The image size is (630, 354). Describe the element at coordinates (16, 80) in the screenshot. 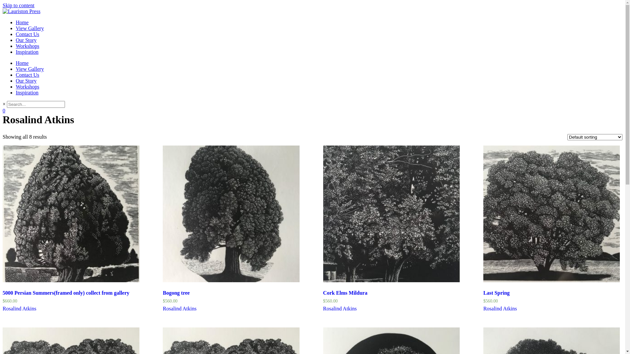

I see `'Our Story'` at that location.